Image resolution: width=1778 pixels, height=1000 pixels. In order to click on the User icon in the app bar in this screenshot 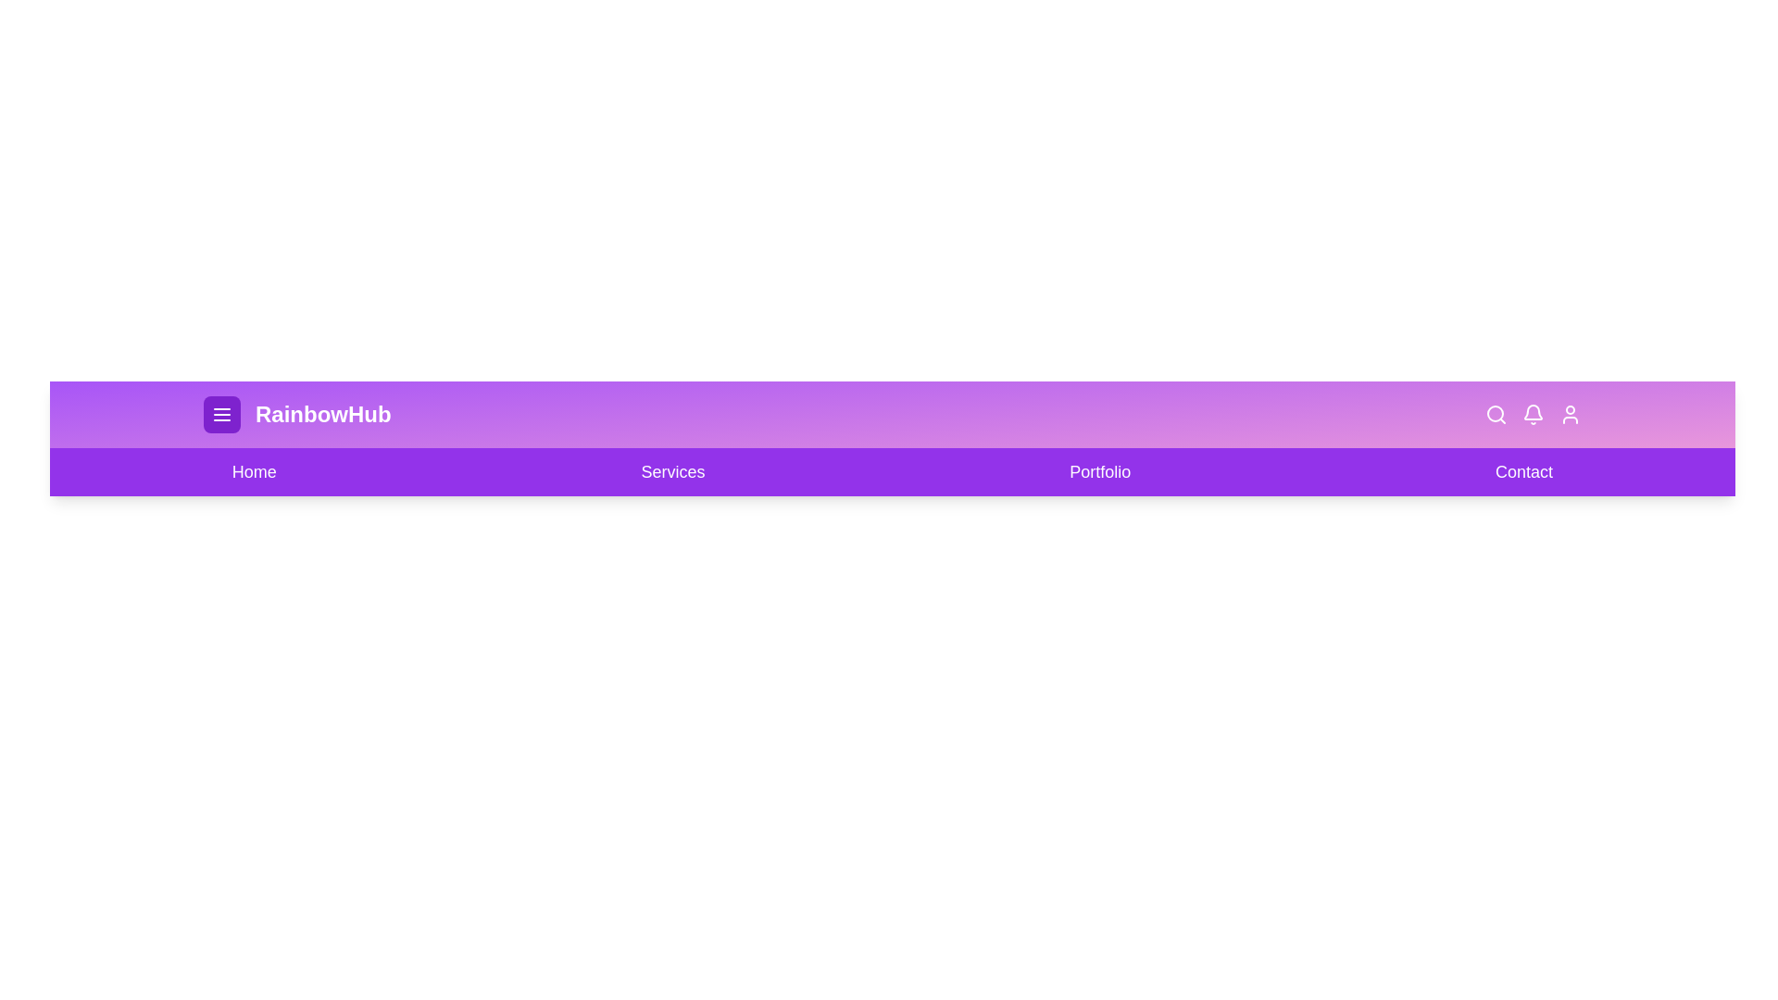, I will do `click(1569, 413)`.